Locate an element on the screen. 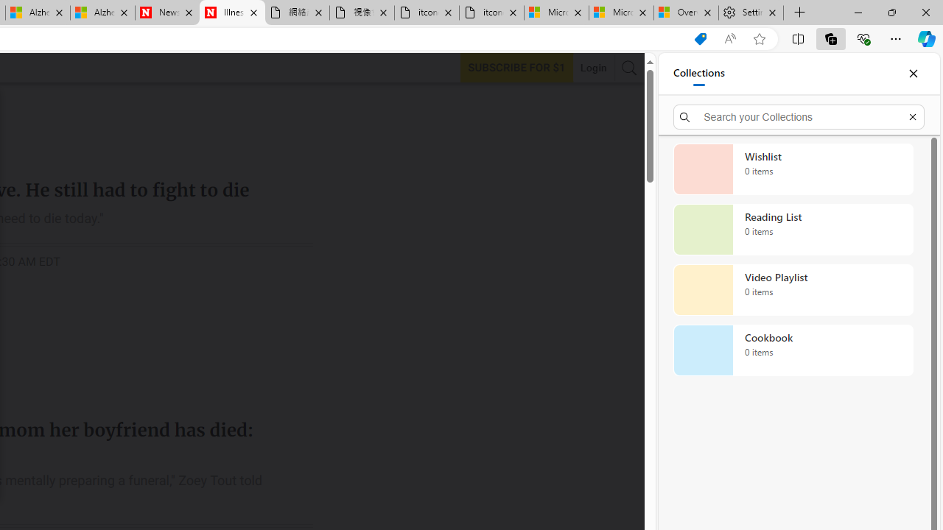 The image size is (943, 530). 'Illness news & latest pictures from Newsweek.com' is located at coordinates (231, 13).